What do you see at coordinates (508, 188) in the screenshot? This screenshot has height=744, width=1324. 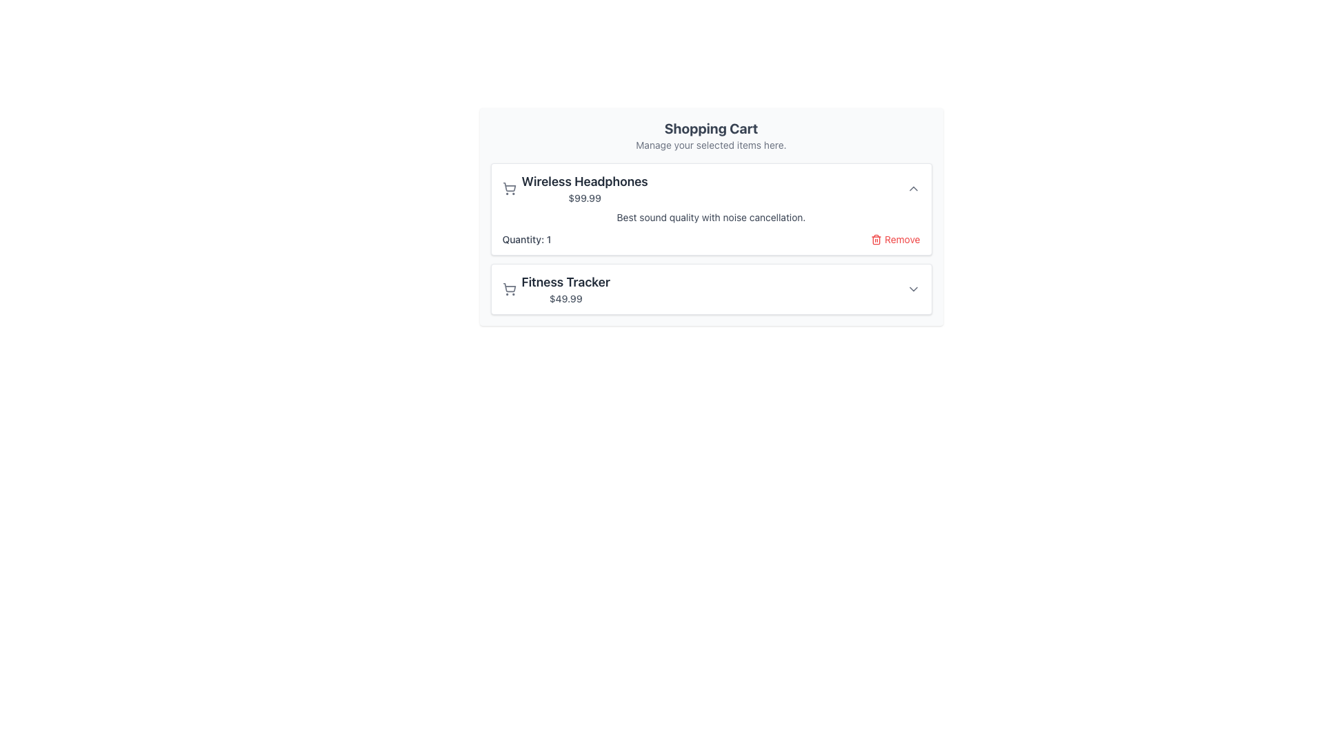 I see `the shopping cart icon located to the left of the text 'Wireless Headphones' and aligned with the top of the text block` at bounding box center [508, 188].